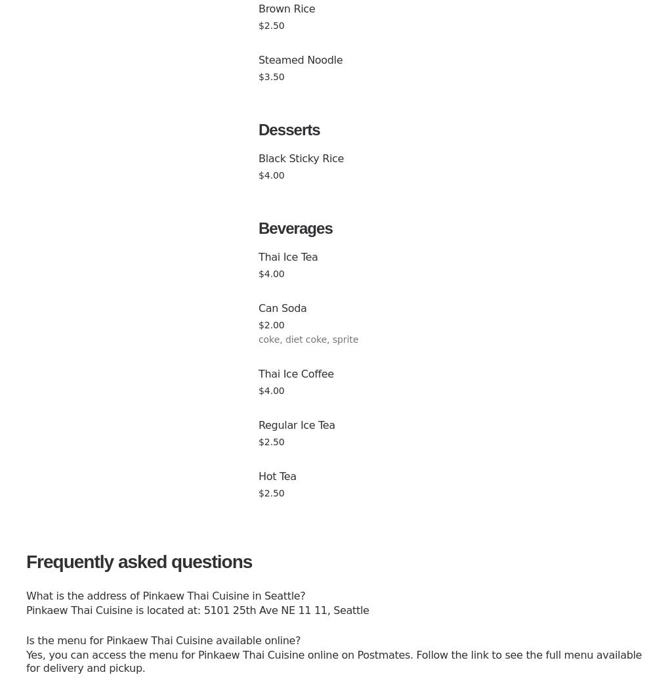 The width and height of the screenshot is (672, 681). What do you see at coordinates (276, 476) in the screenshot?
I see `'Hot Tea'` at bounding box center [276, 476].